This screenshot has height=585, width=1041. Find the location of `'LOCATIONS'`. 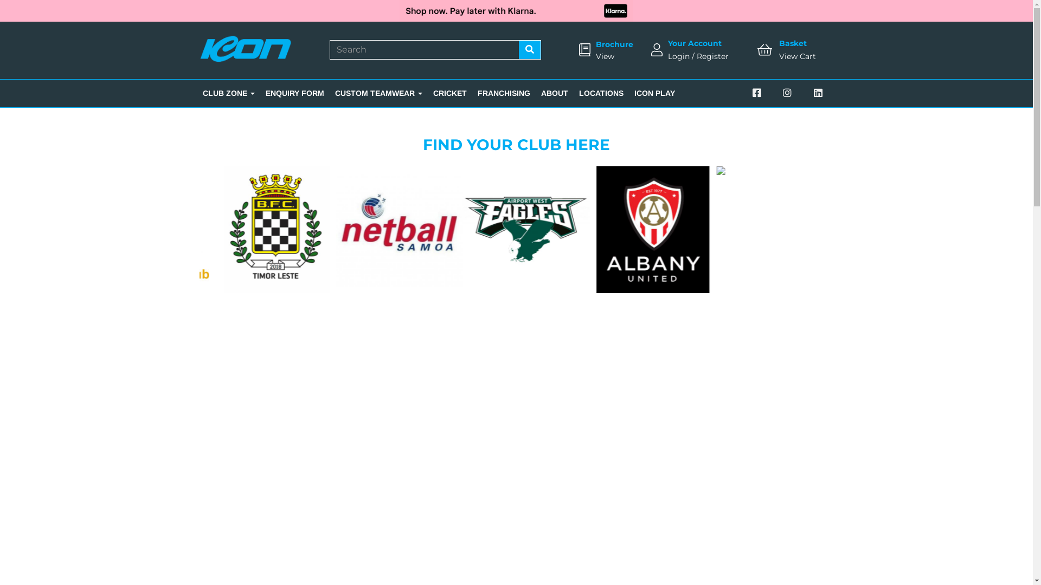

'LOCATIONS' is located at coordinates (600, 93).